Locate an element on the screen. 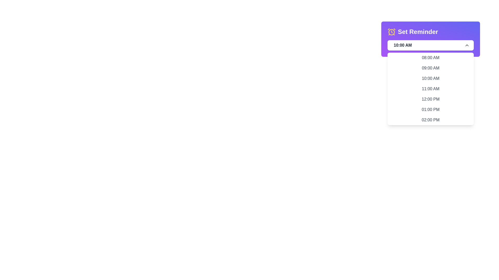  the fourth list item in the dropdown menu is located at coordinates (430, 89).